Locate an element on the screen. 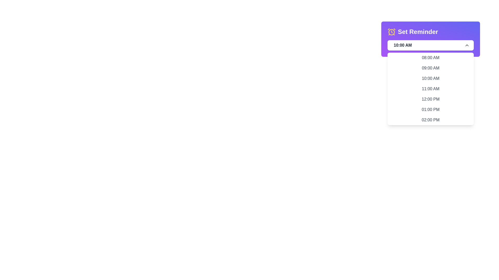  the fourth list item in the dropdown menu is located at coordinates (430, 89).